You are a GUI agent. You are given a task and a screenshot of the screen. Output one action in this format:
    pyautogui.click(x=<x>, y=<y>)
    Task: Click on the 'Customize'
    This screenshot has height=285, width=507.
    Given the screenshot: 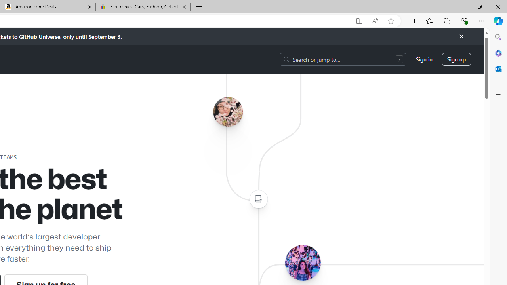 What is the action you would take?
    pyautogui.click(x=498, y=94)
    